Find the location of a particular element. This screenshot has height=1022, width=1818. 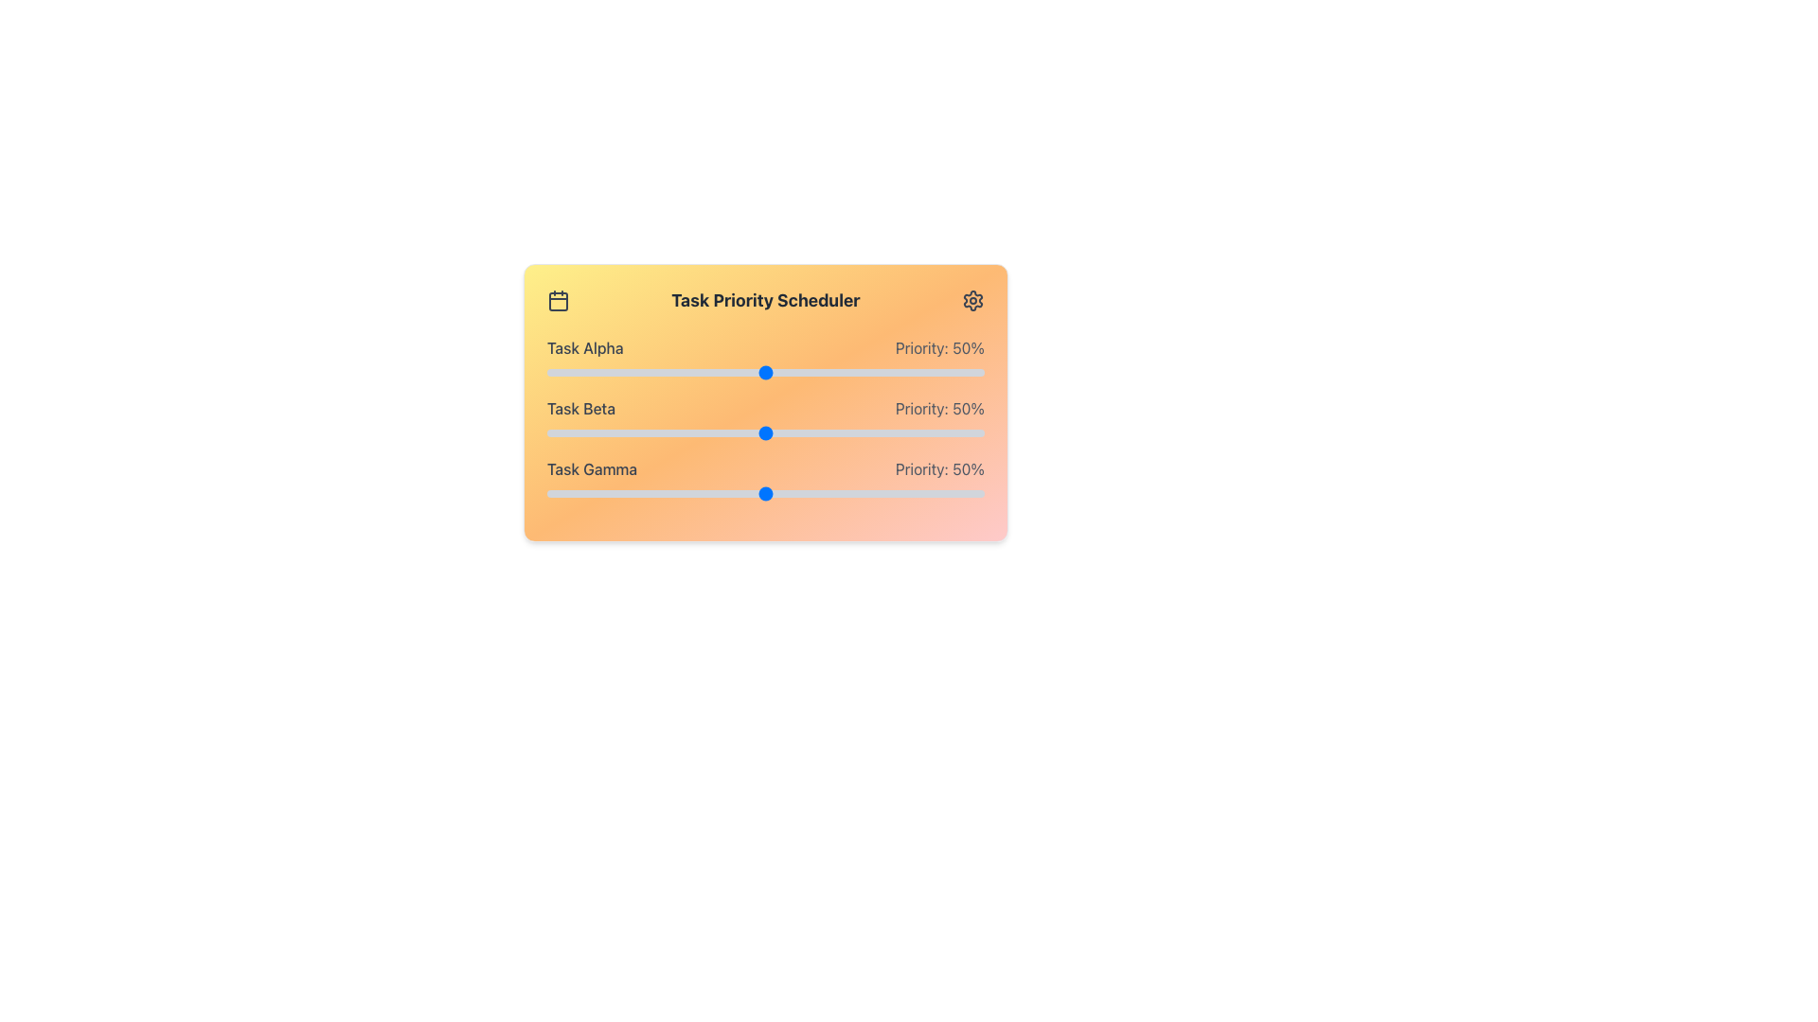

the "Task Beta" priority is located at coordinates (651, 433).